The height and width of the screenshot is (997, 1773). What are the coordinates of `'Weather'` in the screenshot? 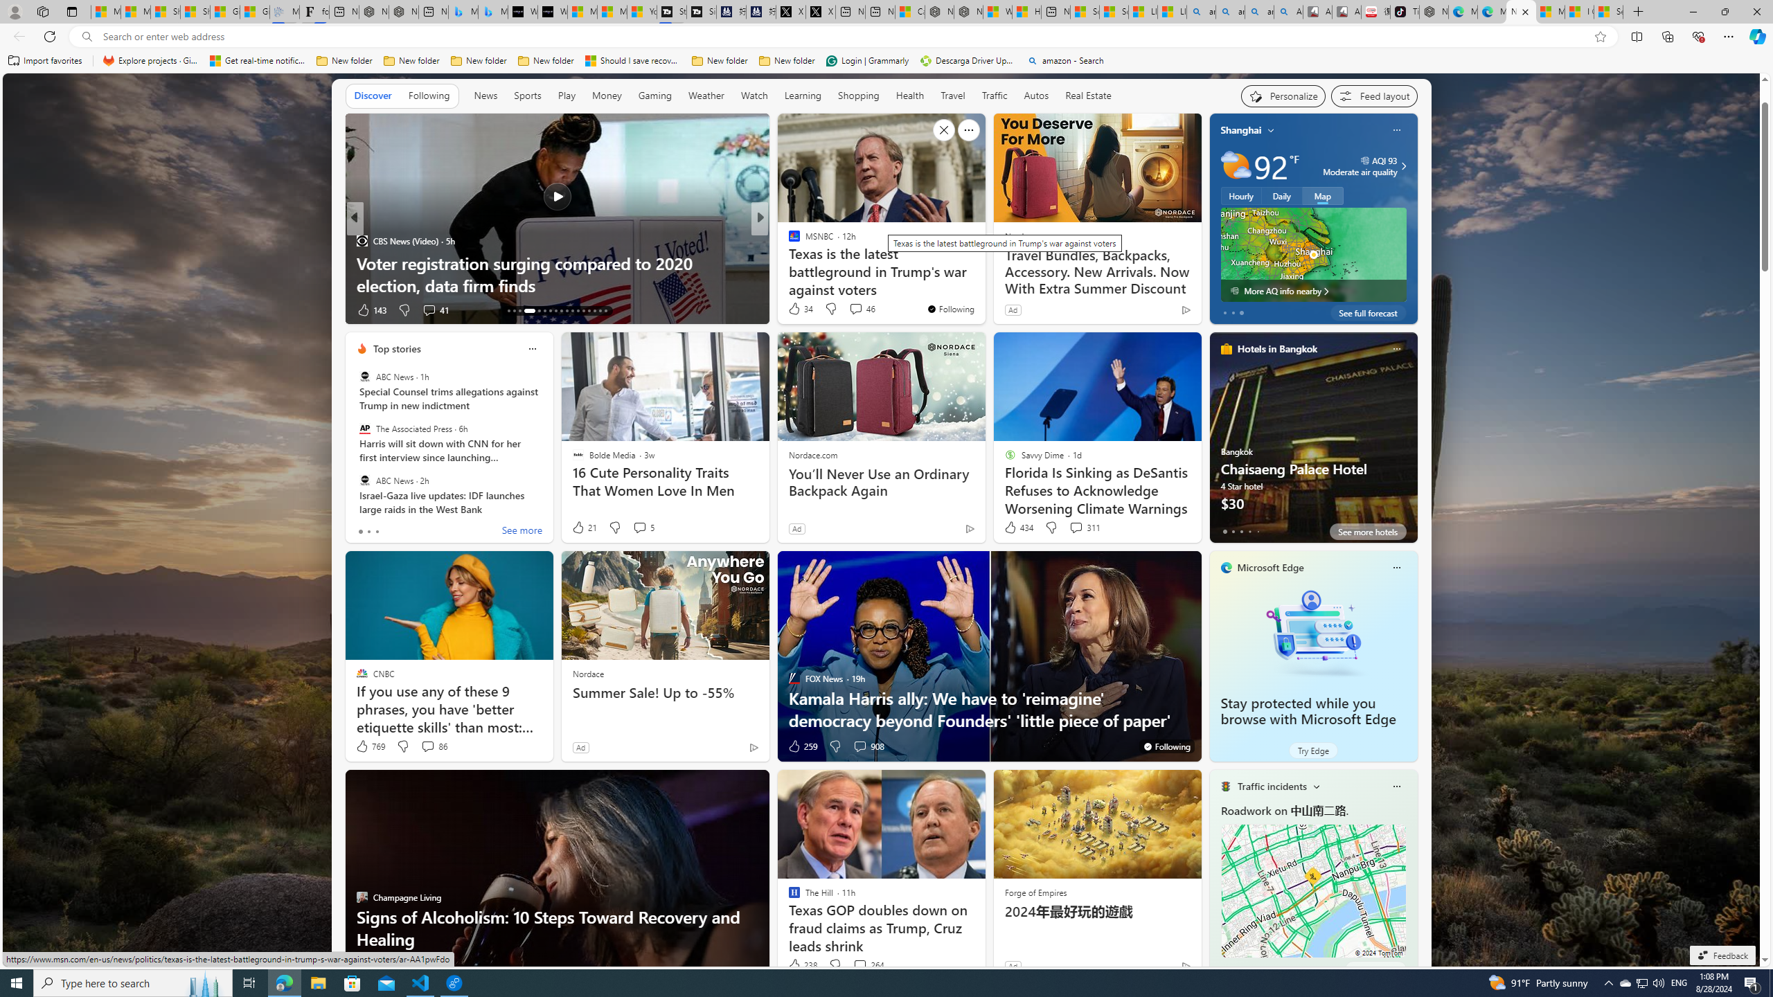 It's located at (706, 95).